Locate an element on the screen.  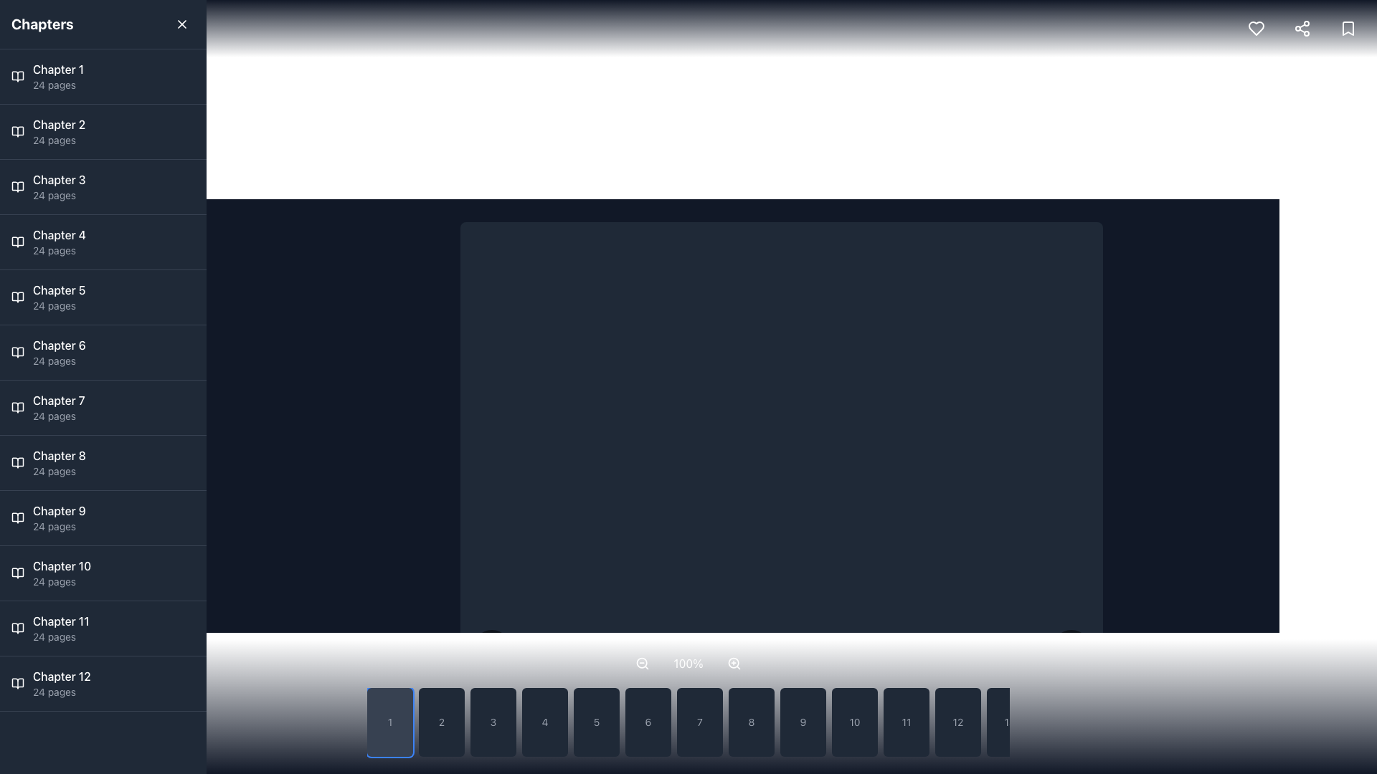
the list entry item displaying 'Chapter 5' and '24 pages' to potentially view more details or highlights is located at coordinates (58, 297).